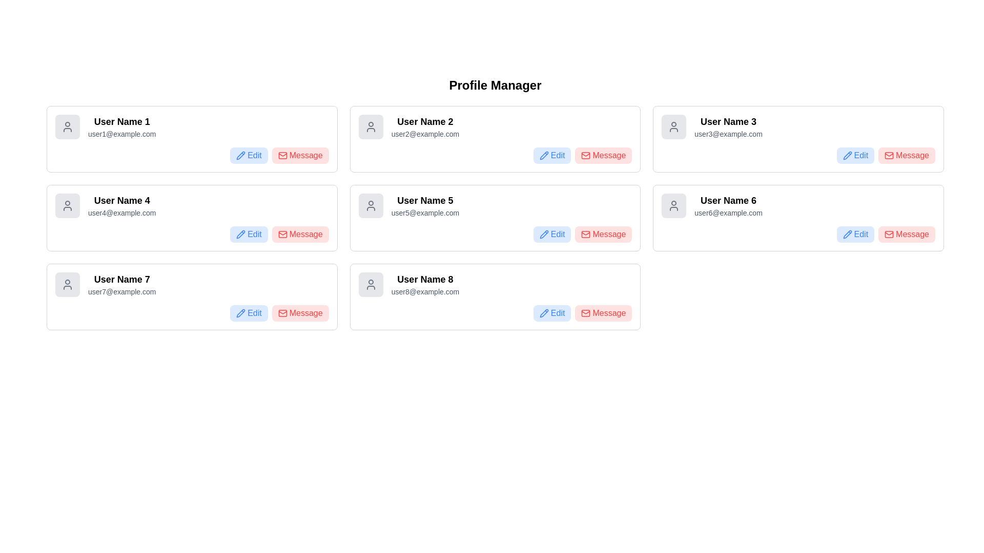  I want to click on the text label displaying the user's email address located in the bottom portion of the eighth profile card in the bottom-right corner of the grid layout, so click(425, 292).